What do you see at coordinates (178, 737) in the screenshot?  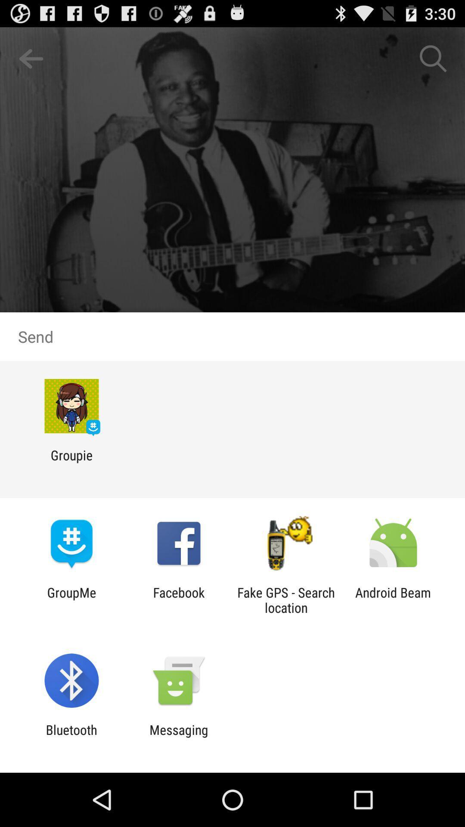 I see `icon next to the bluetooth app` at bounding box center [178, 737].